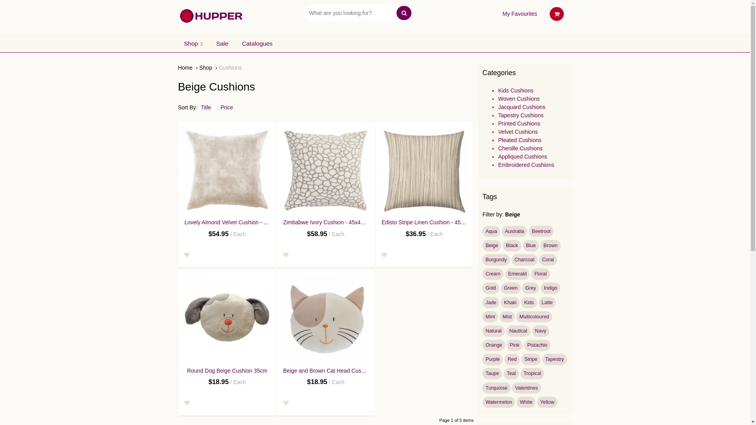 The width and height of the screenshot is (756, 425). Describe the element at coordinates (187, 370) in the screenshot. I see `'Round Dog Beige Cushion 35cm'` at that location.